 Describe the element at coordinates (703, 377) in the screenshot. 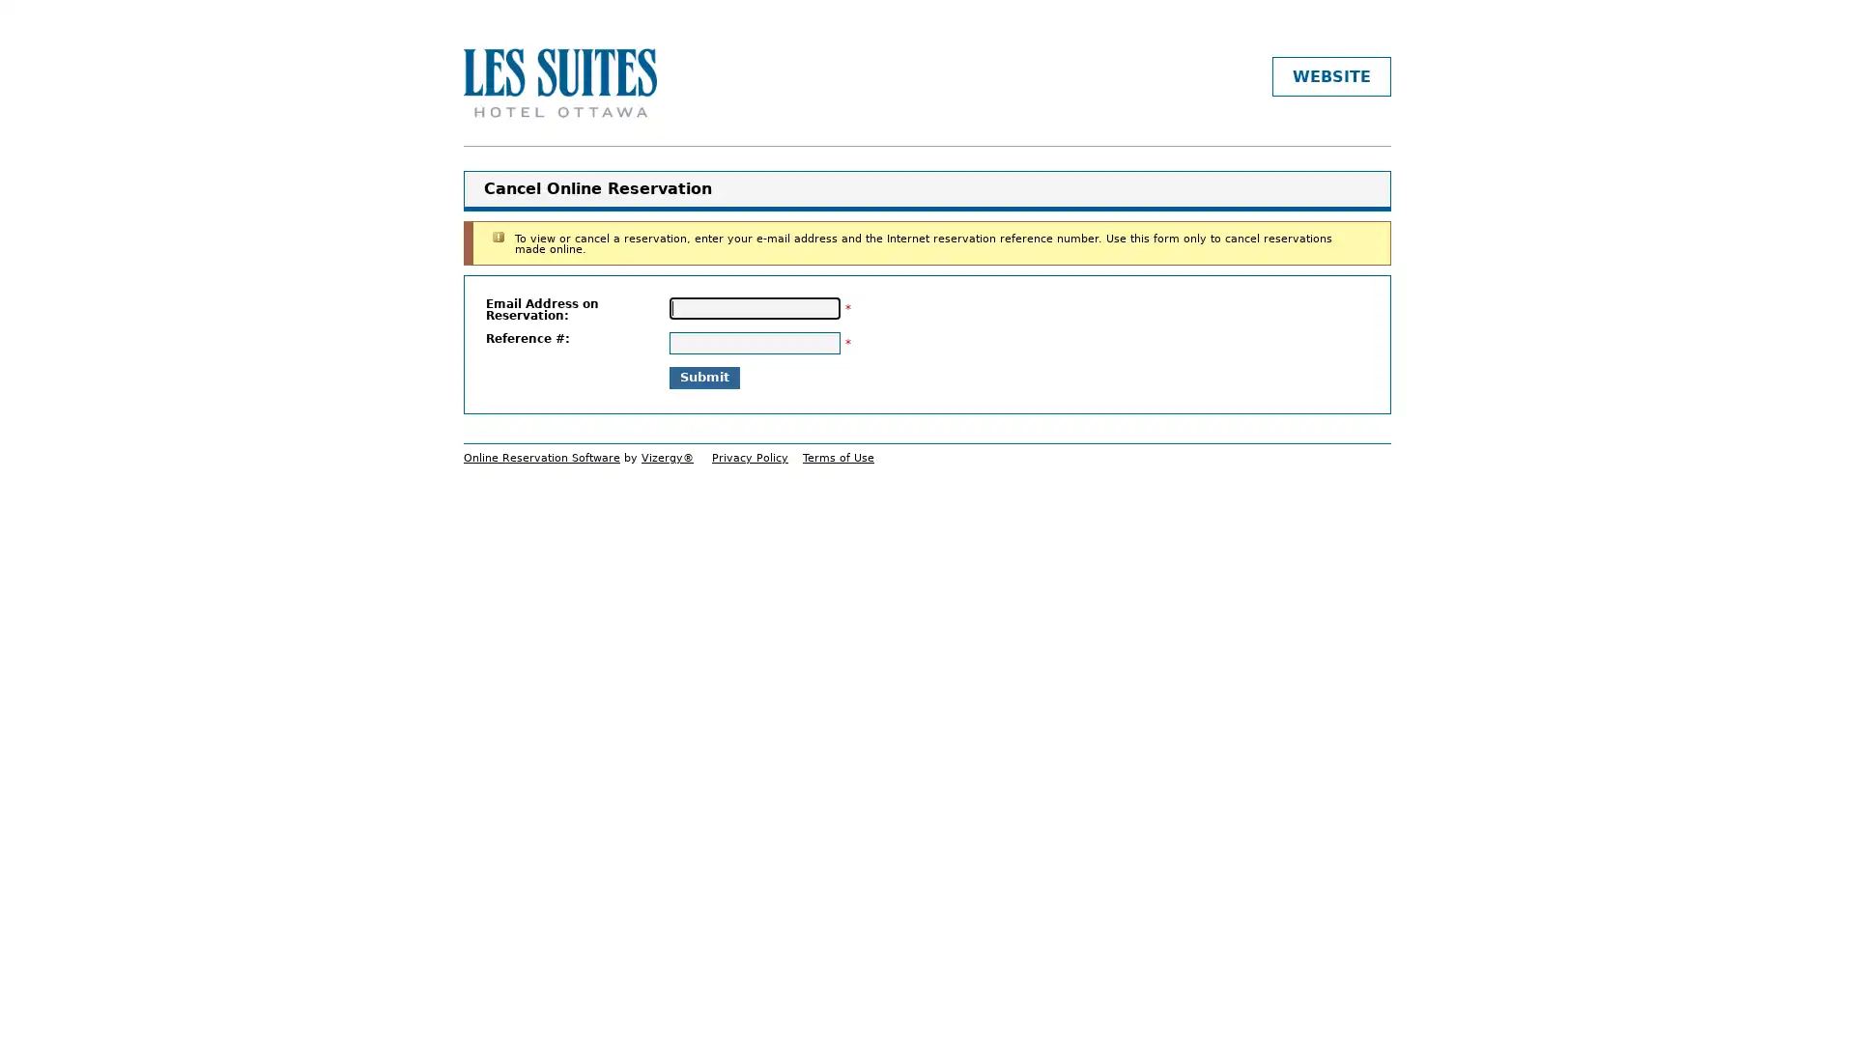

I see `Submit` at that location.